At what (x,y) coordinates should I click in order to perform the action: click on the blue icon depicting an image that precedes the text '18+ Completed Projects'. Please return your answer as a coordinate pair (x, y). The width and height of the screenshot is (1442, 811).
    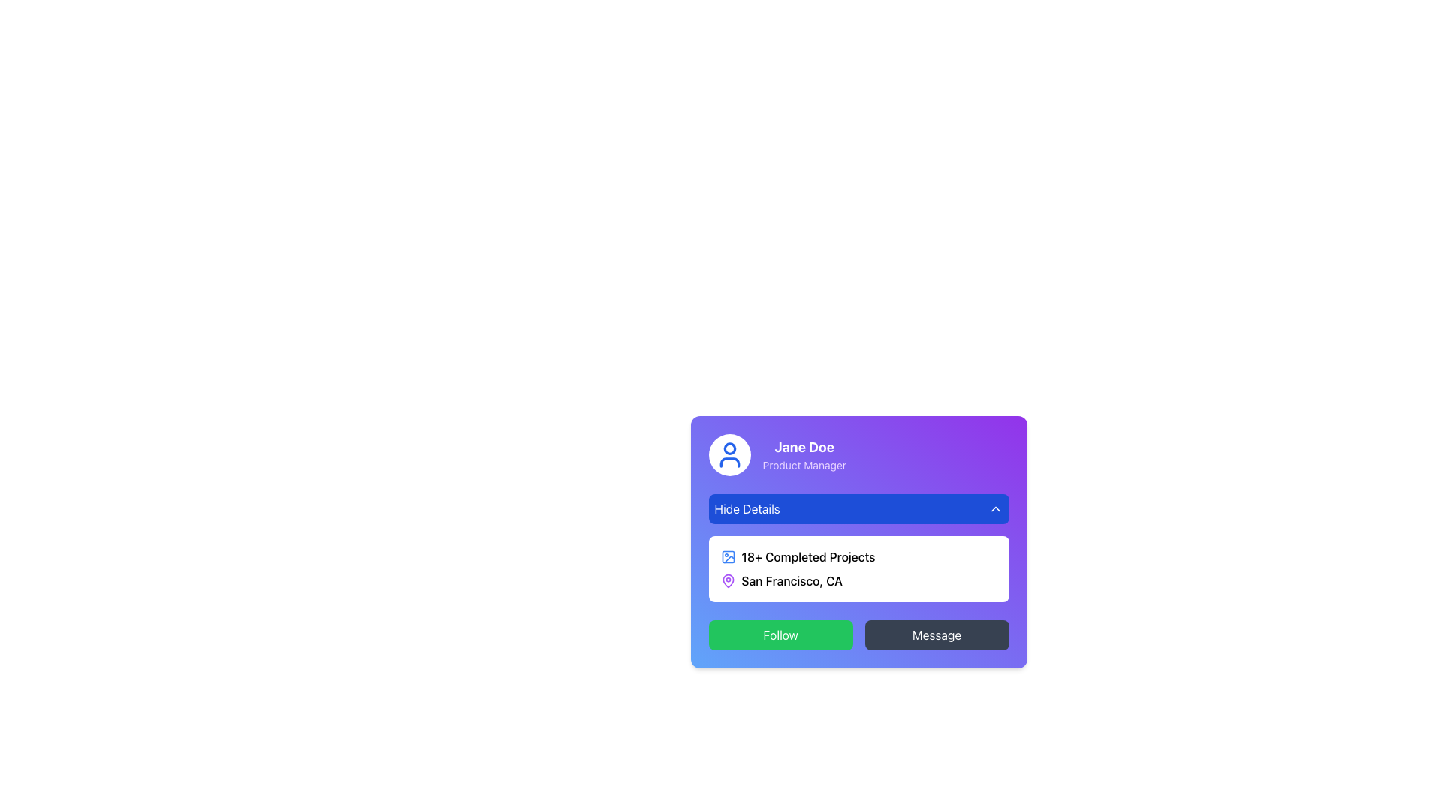
    Looking at the image, I should click on (728, 556).